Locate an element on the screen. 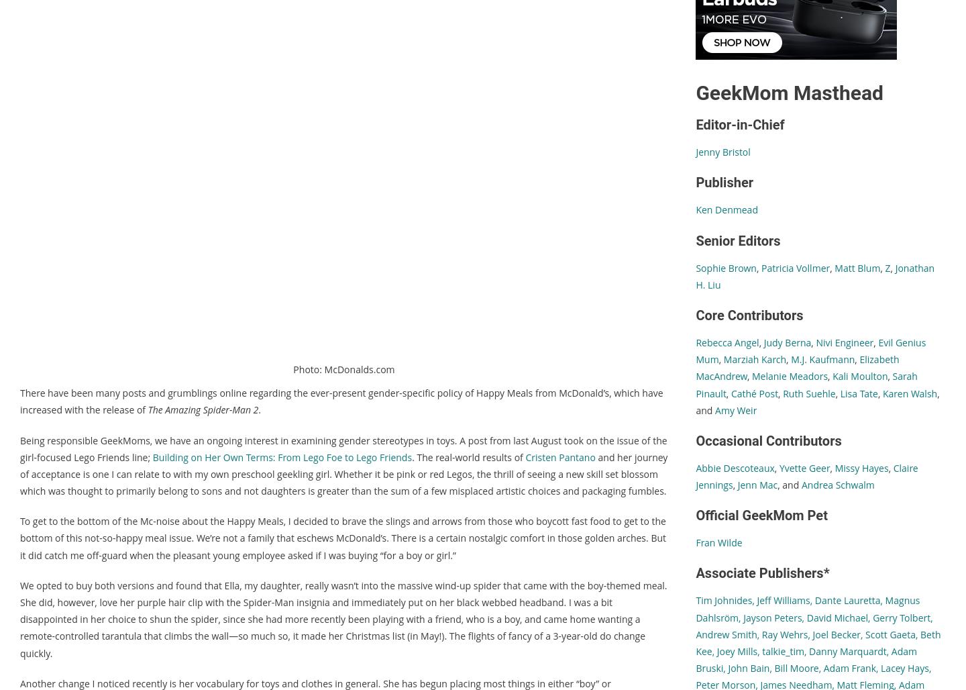  'Official GeekMom Pet' is located at coordinates (761, 515).